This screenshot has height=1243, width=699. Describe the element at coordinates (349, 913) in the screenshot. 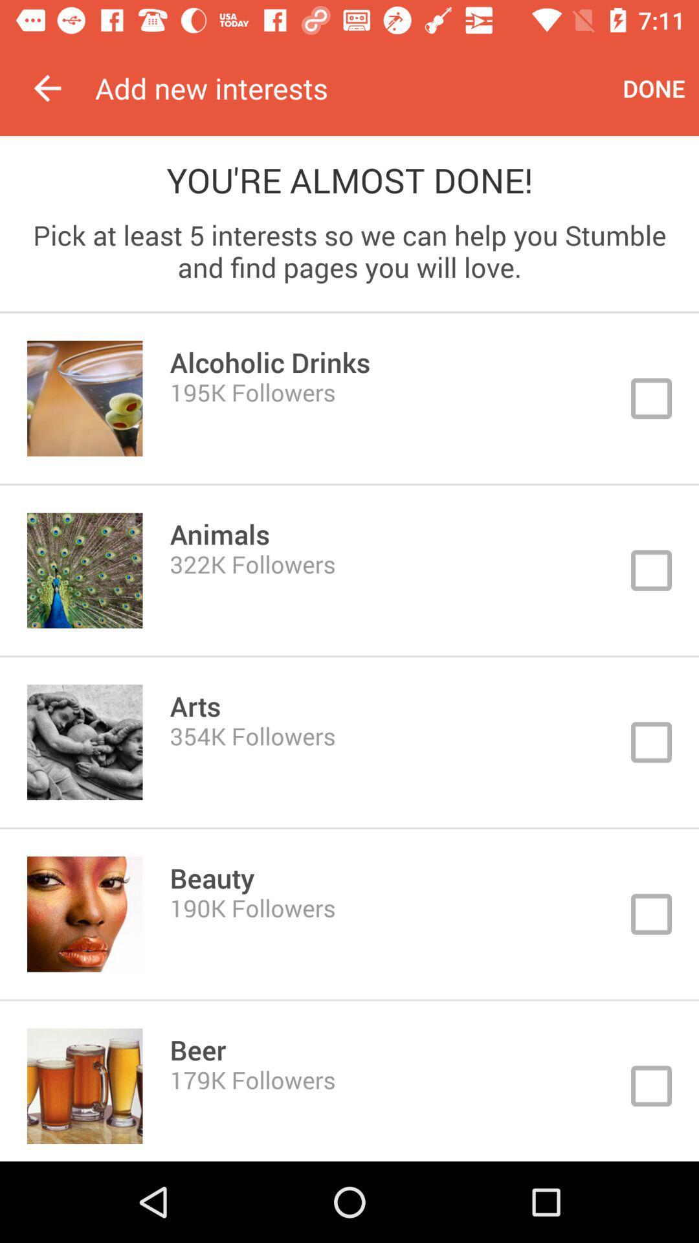

I see `beauty` at that location.